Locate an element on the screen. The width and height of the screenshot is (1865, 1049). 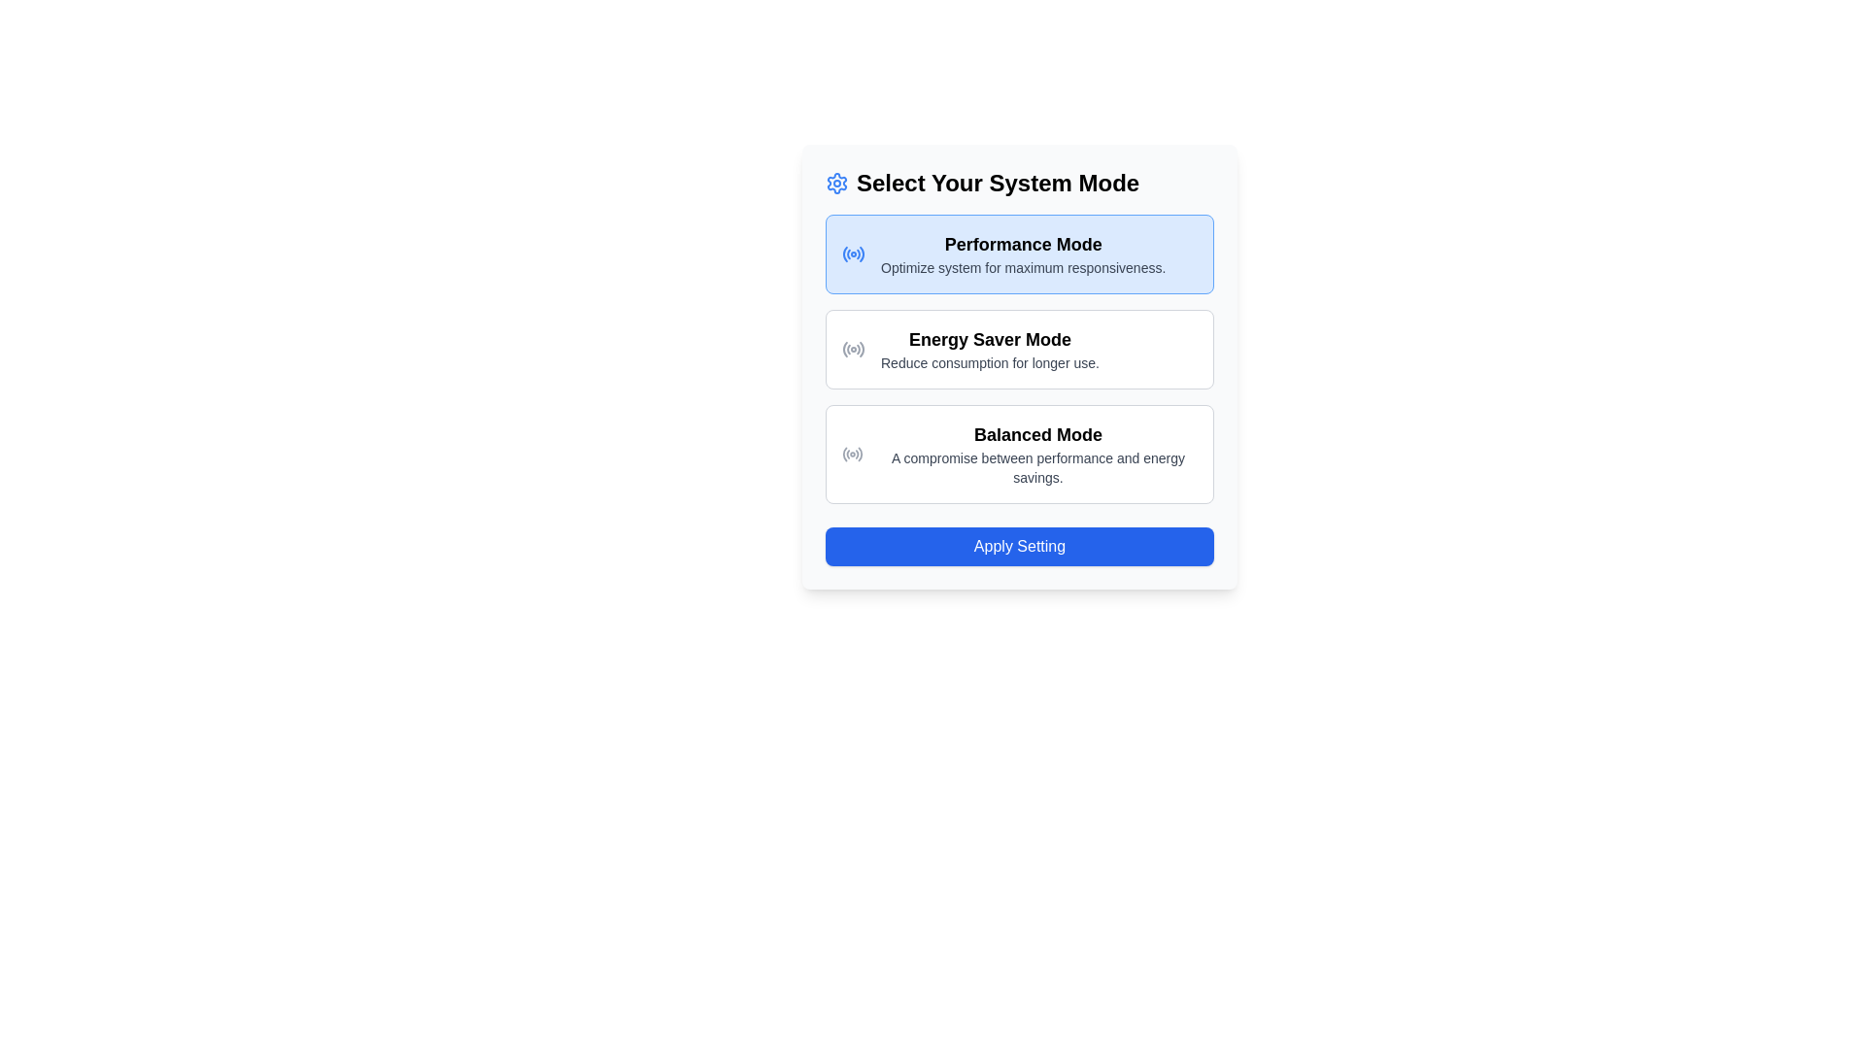
the graphical icon representing a gear or settings symbol, which has a blue outline and is located in the top-left corner of the settings selection interface, adjacent to the 'Select Your System Mode' title is located at coordinates (837, 184).